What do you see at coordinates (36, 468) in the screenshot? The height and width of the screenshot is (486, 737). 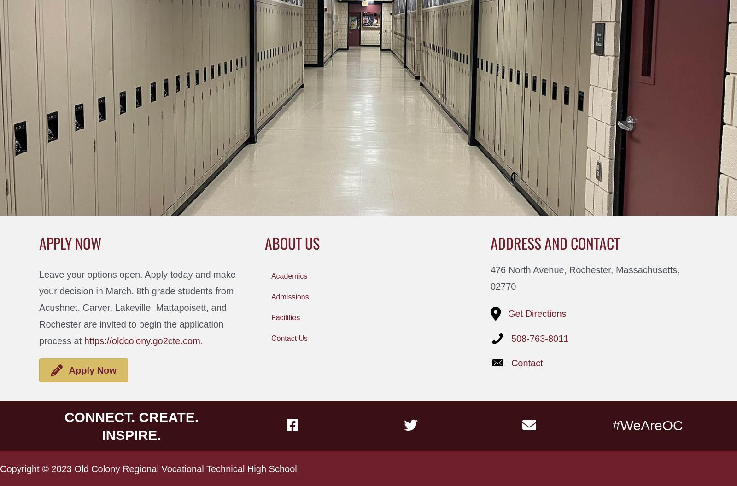 I see `'Copyright © 2023'` at bounding box center [36, 468].